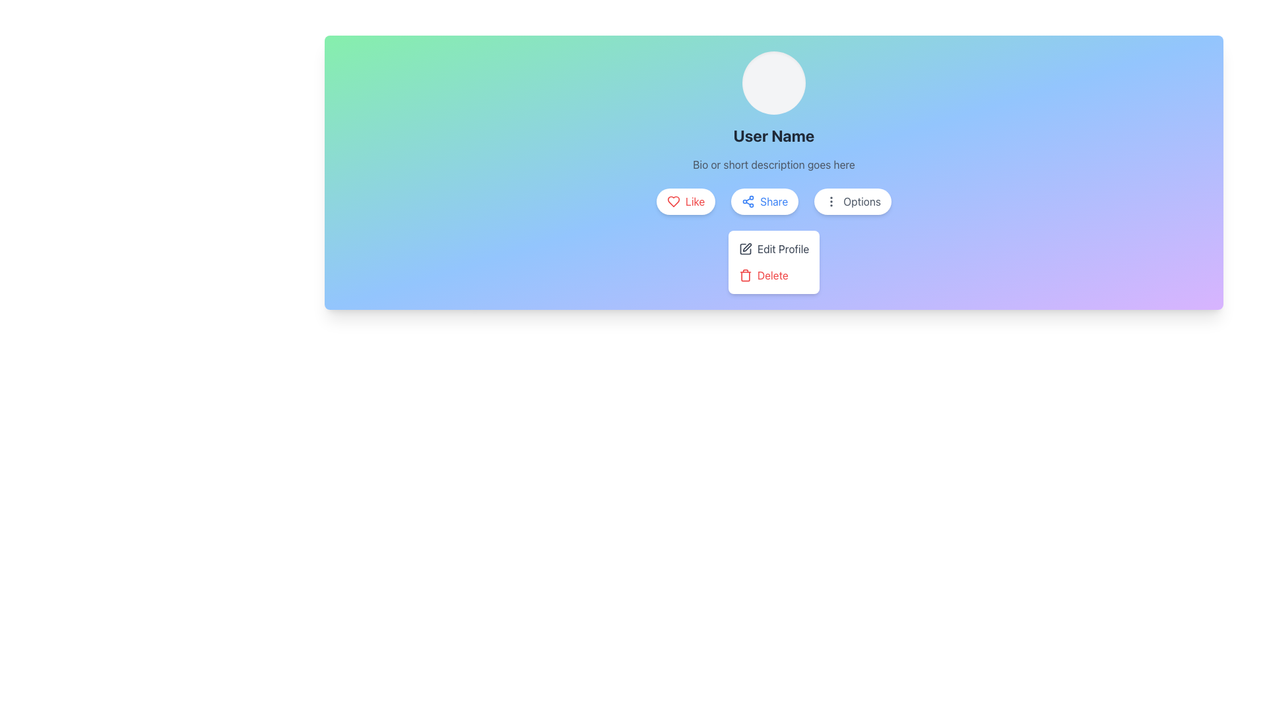 The height and width of the screenshot is (712, 1267). Describe the element at coordinates (765, 201) in the screenshot. I see `the 'Share' button, which is the second button in a group with a rounded rectangular shape, white background, blue share icon, and blue text` at that location.